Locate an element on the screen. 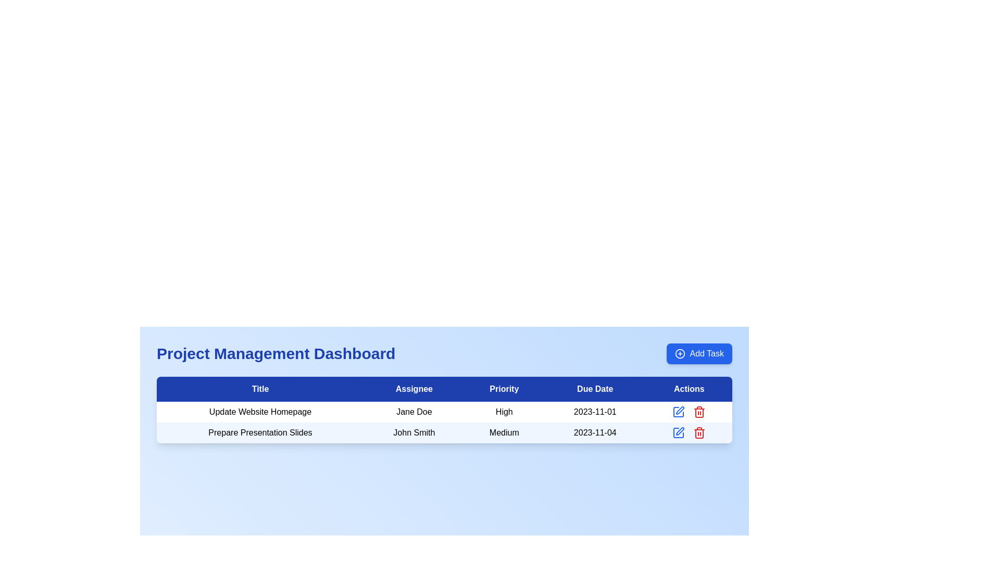 The image size is (1000, 562). the 'Priority' table header label, which is a rectangular box with bold white text on a dark blue background, located in the third column of a tabular interface is located at coordinates (504, 389).